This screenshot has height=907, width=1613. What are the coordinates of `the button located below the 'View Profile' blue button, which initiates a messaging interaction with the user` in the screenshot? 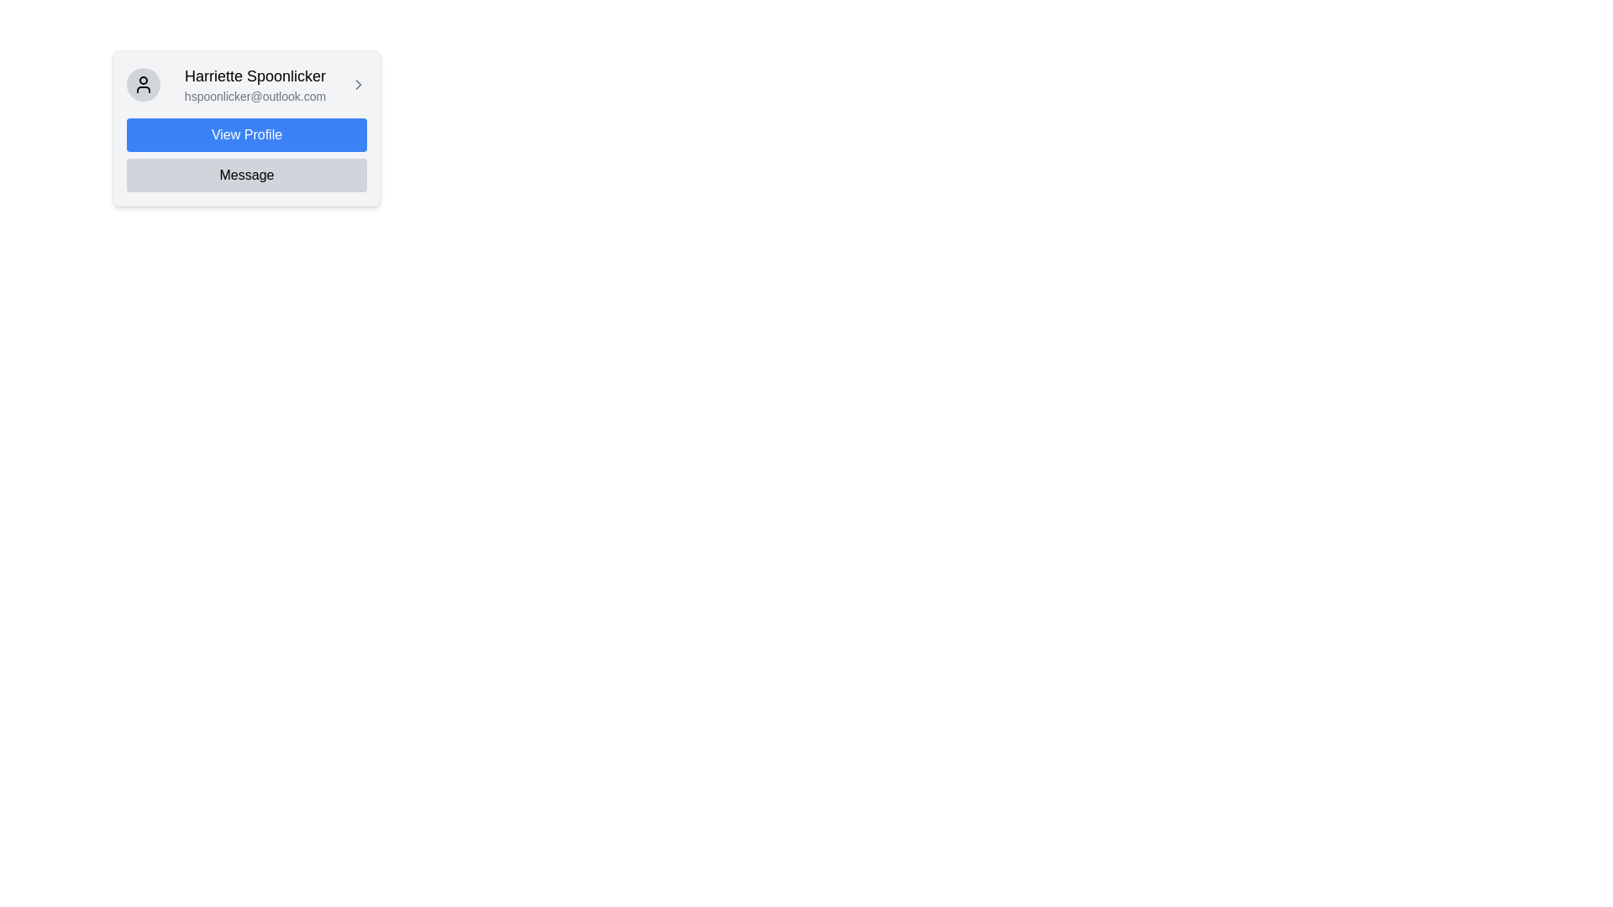 It's located at (245, 175).